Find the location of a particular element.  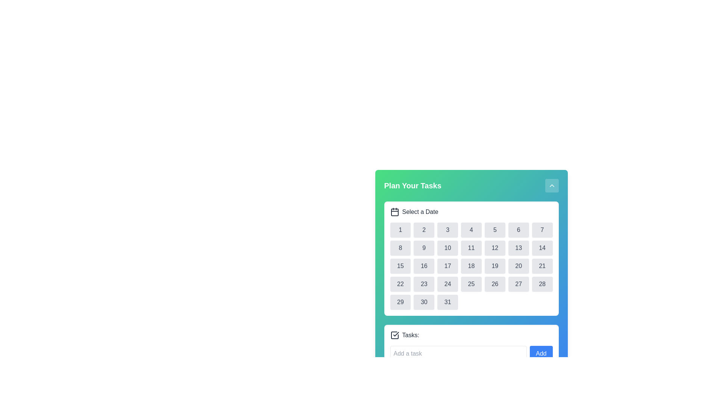

the button that allows the user to select the date '23' in the grid located within the 'Plan Your Tasks' panel is located at coordinates (424, 284).